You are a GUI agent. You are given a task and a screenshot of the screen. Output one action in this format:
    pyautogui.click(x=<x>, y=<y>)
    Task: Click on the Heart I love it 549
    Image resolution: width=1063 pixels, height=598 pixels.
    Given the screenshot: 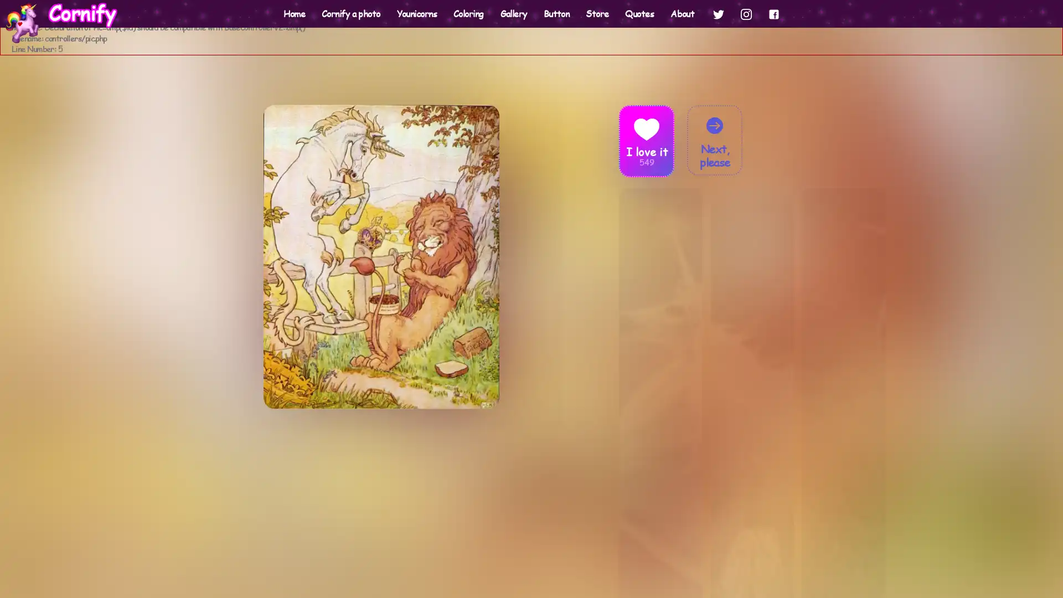 What is the action you would take?
    pyautogui.click(x=646, y=140)
    